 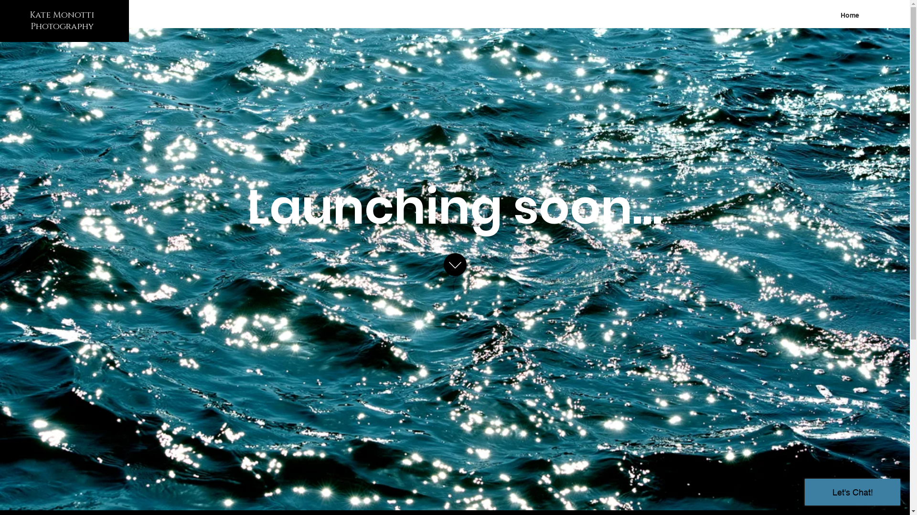 What do you see at coordinates (30, 20) in the screenshot?
I see `'Kate Monotti Photography'` at bounding box center [30, 20].